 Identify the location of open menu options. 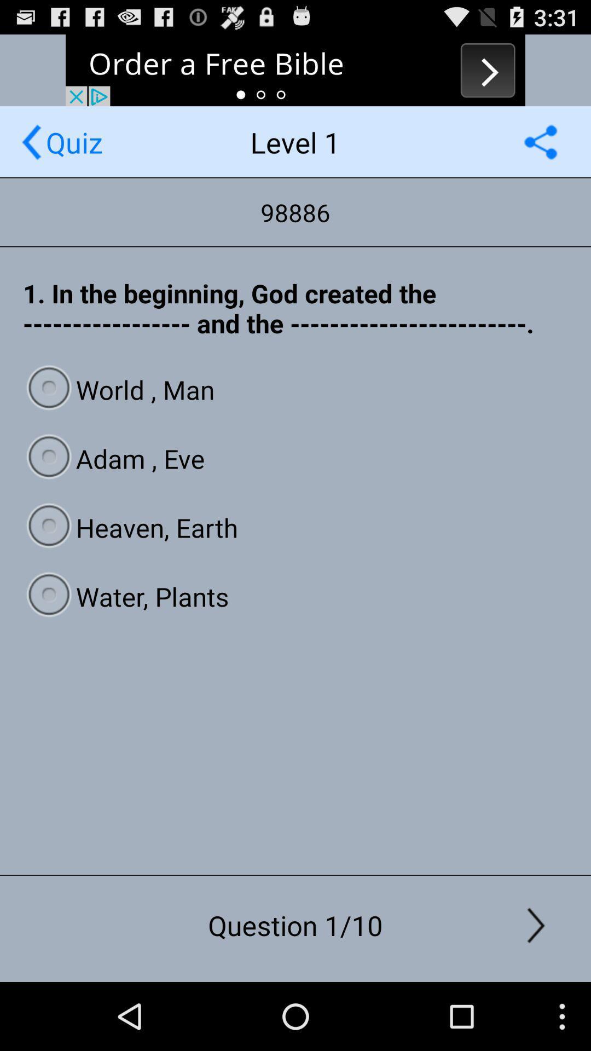
(540, 141).